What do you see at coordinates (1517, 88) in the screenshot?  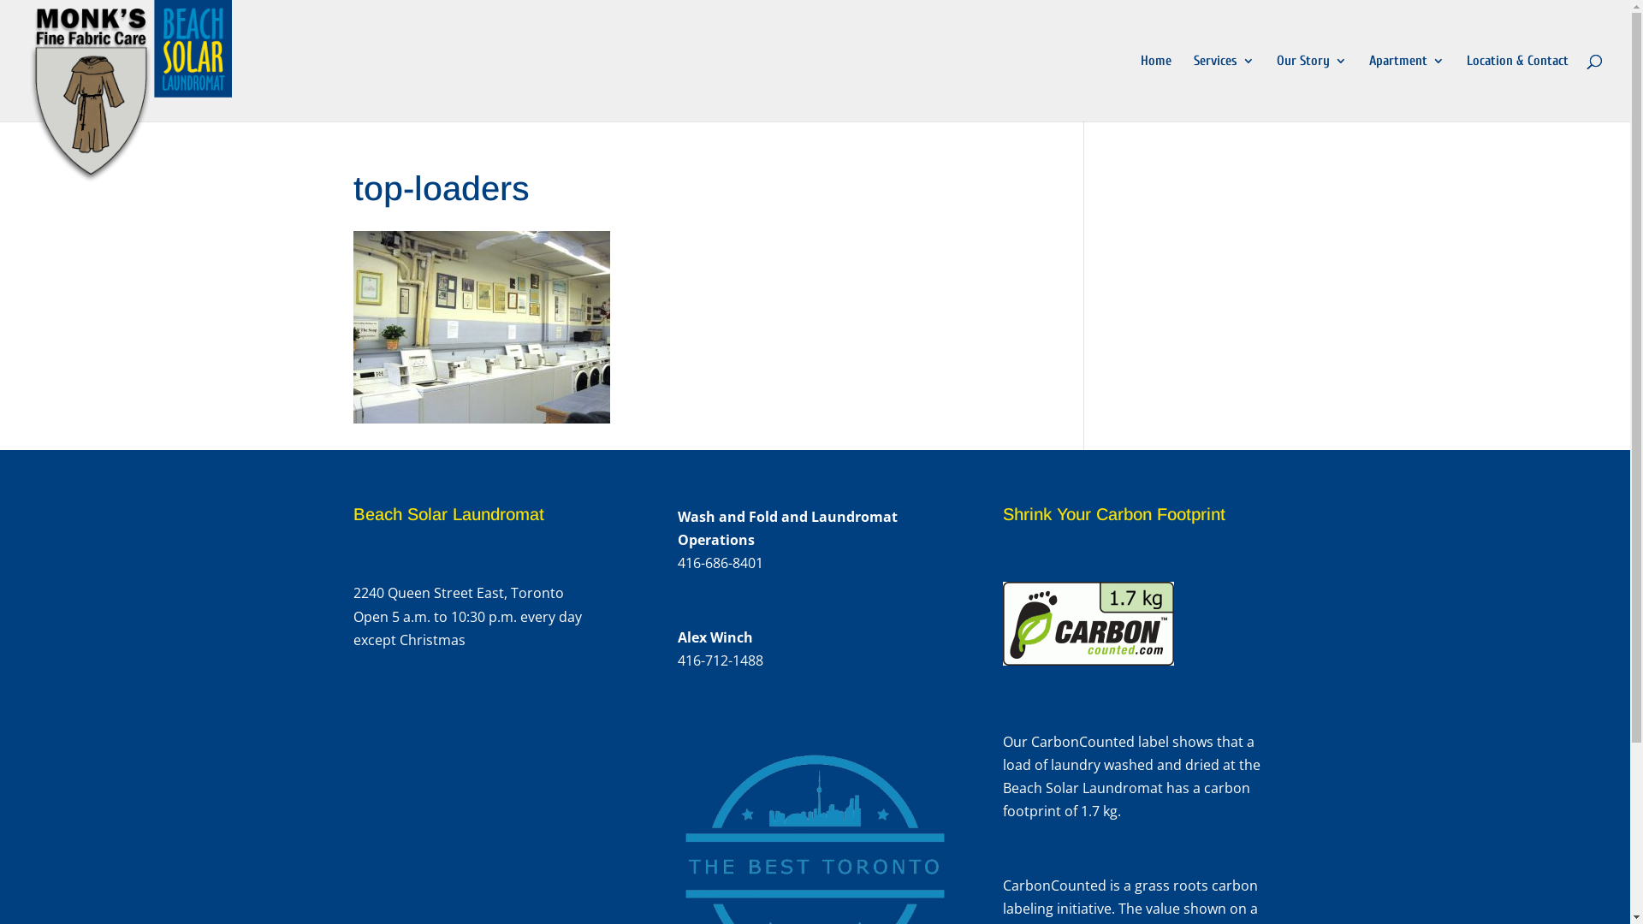 I see `'Location & Contact'` at bounding box center [1517, 88].